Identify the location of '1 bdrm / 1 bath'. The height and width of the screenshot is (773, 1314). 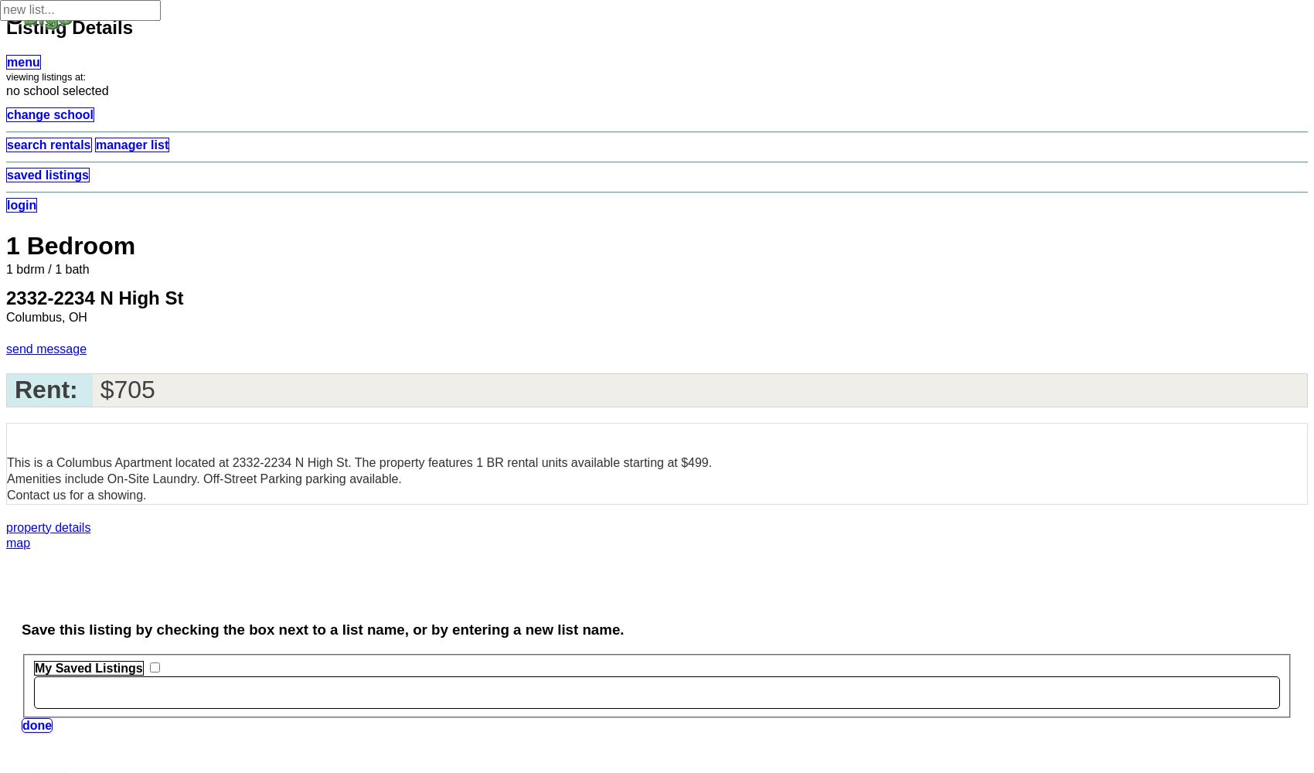
(47, 268).